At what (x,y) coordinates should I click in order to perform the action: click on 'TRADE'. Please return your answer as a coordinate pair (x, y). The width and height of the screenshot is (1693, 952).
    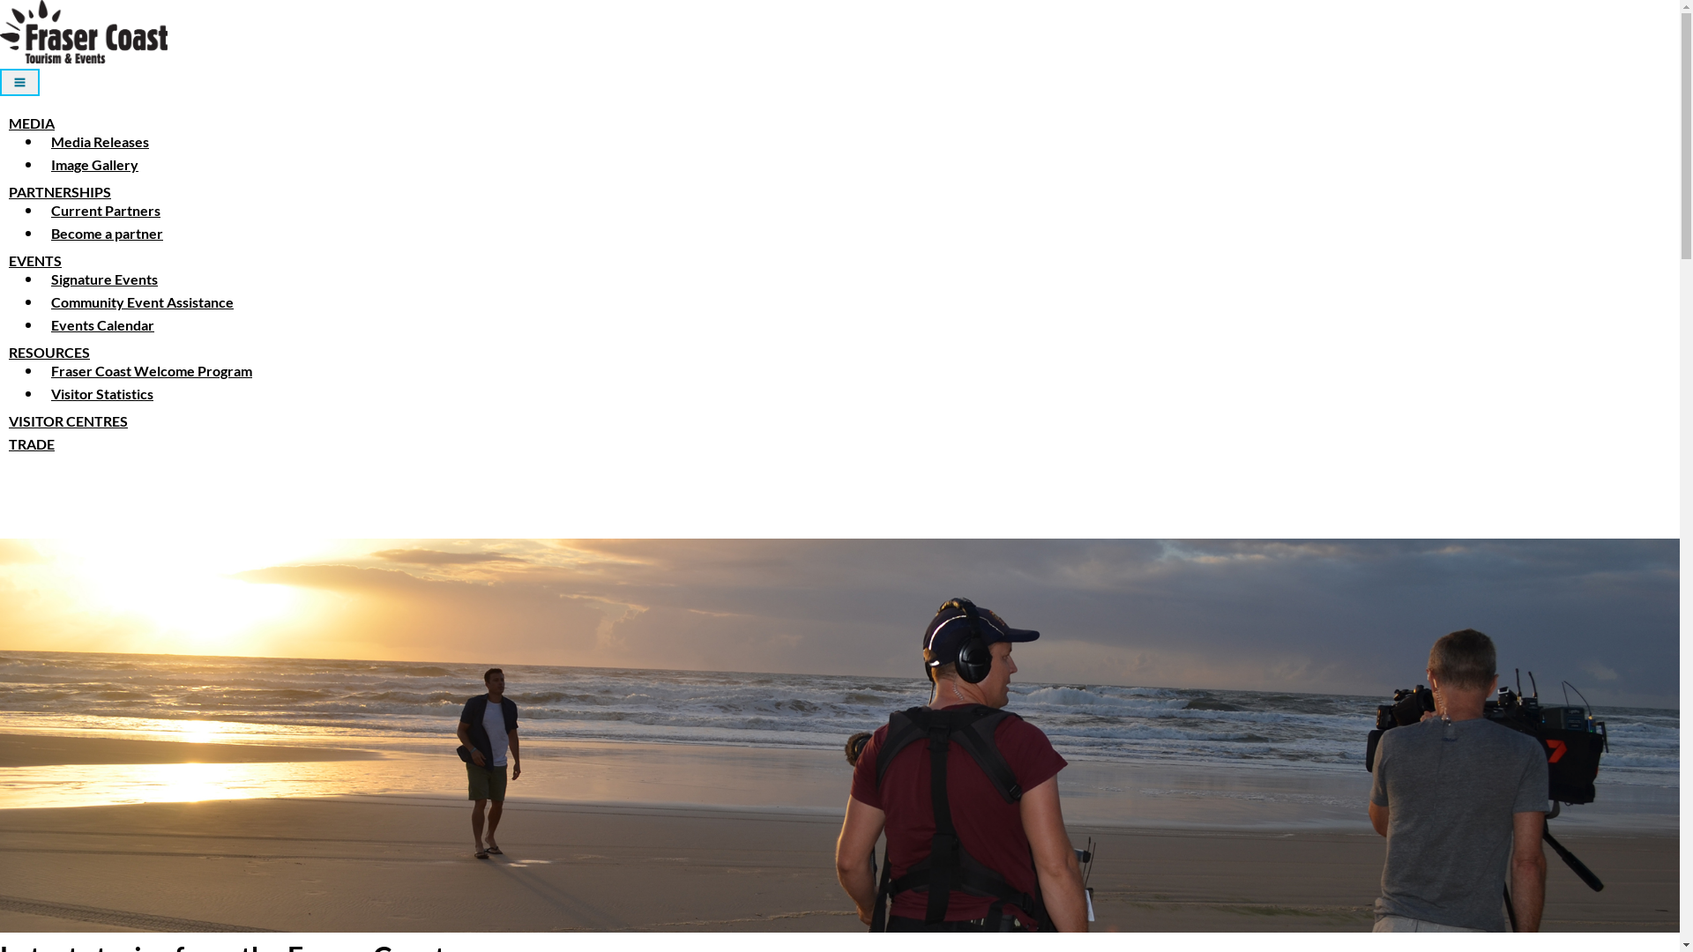
    Looking at the image, I should click on (31, 443).